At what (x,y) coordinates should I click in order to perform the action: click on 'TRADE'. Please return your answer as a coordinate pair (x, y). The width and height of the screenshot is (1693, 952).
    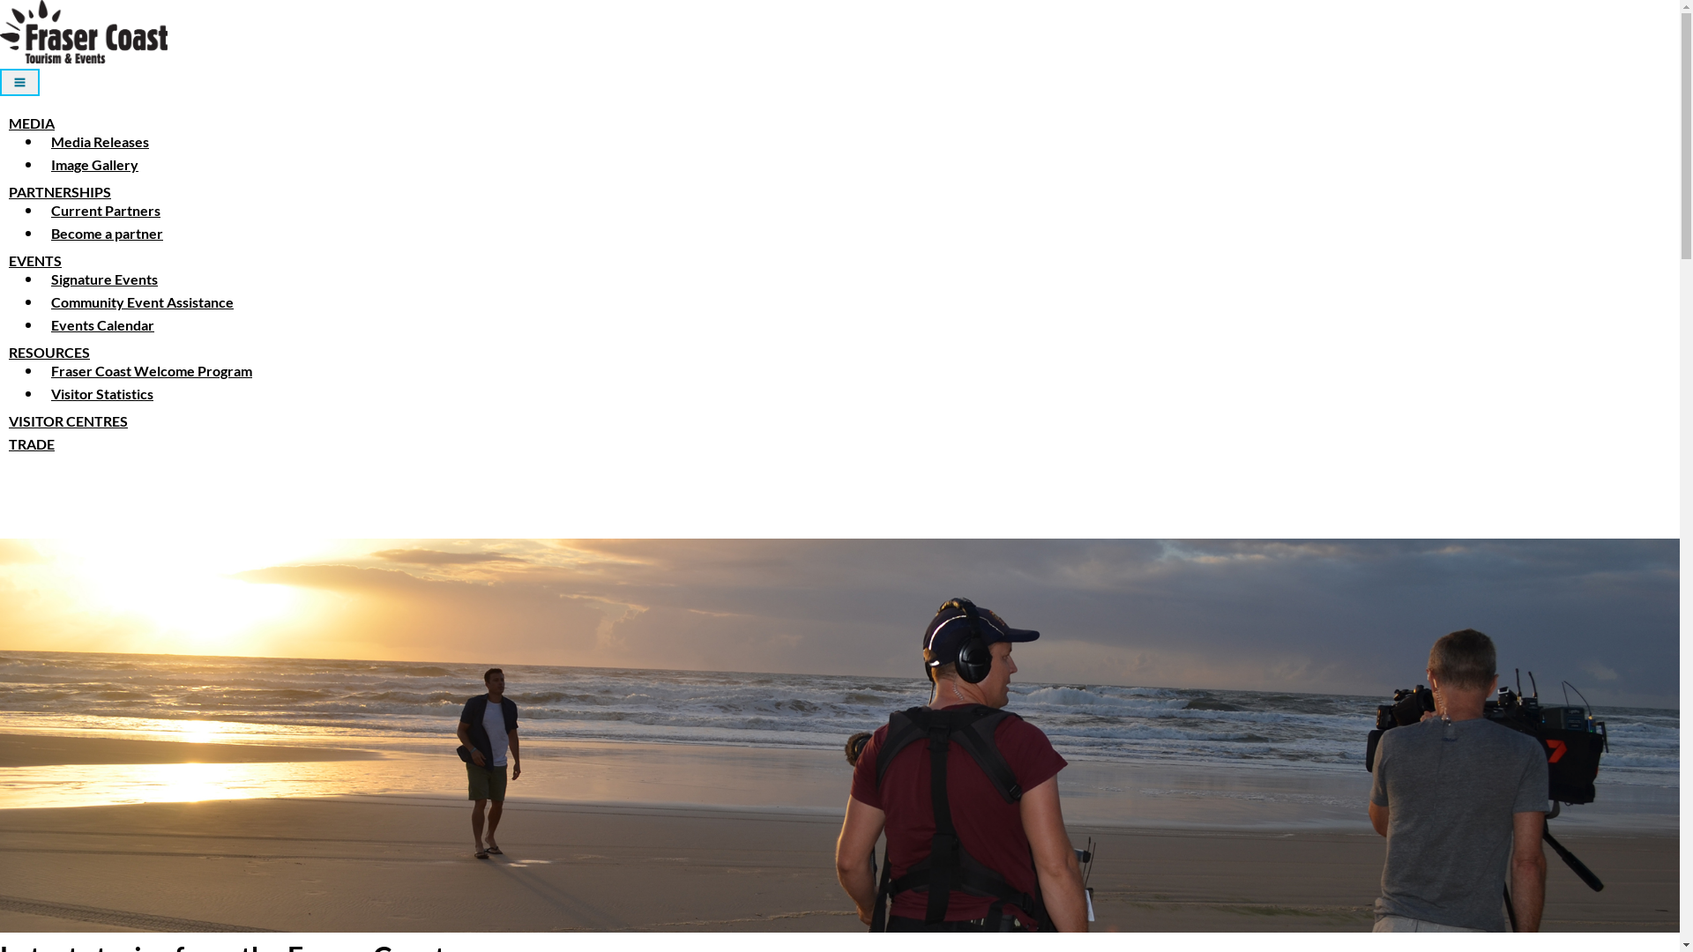
    Looking at the image, I should click on (31, 443).